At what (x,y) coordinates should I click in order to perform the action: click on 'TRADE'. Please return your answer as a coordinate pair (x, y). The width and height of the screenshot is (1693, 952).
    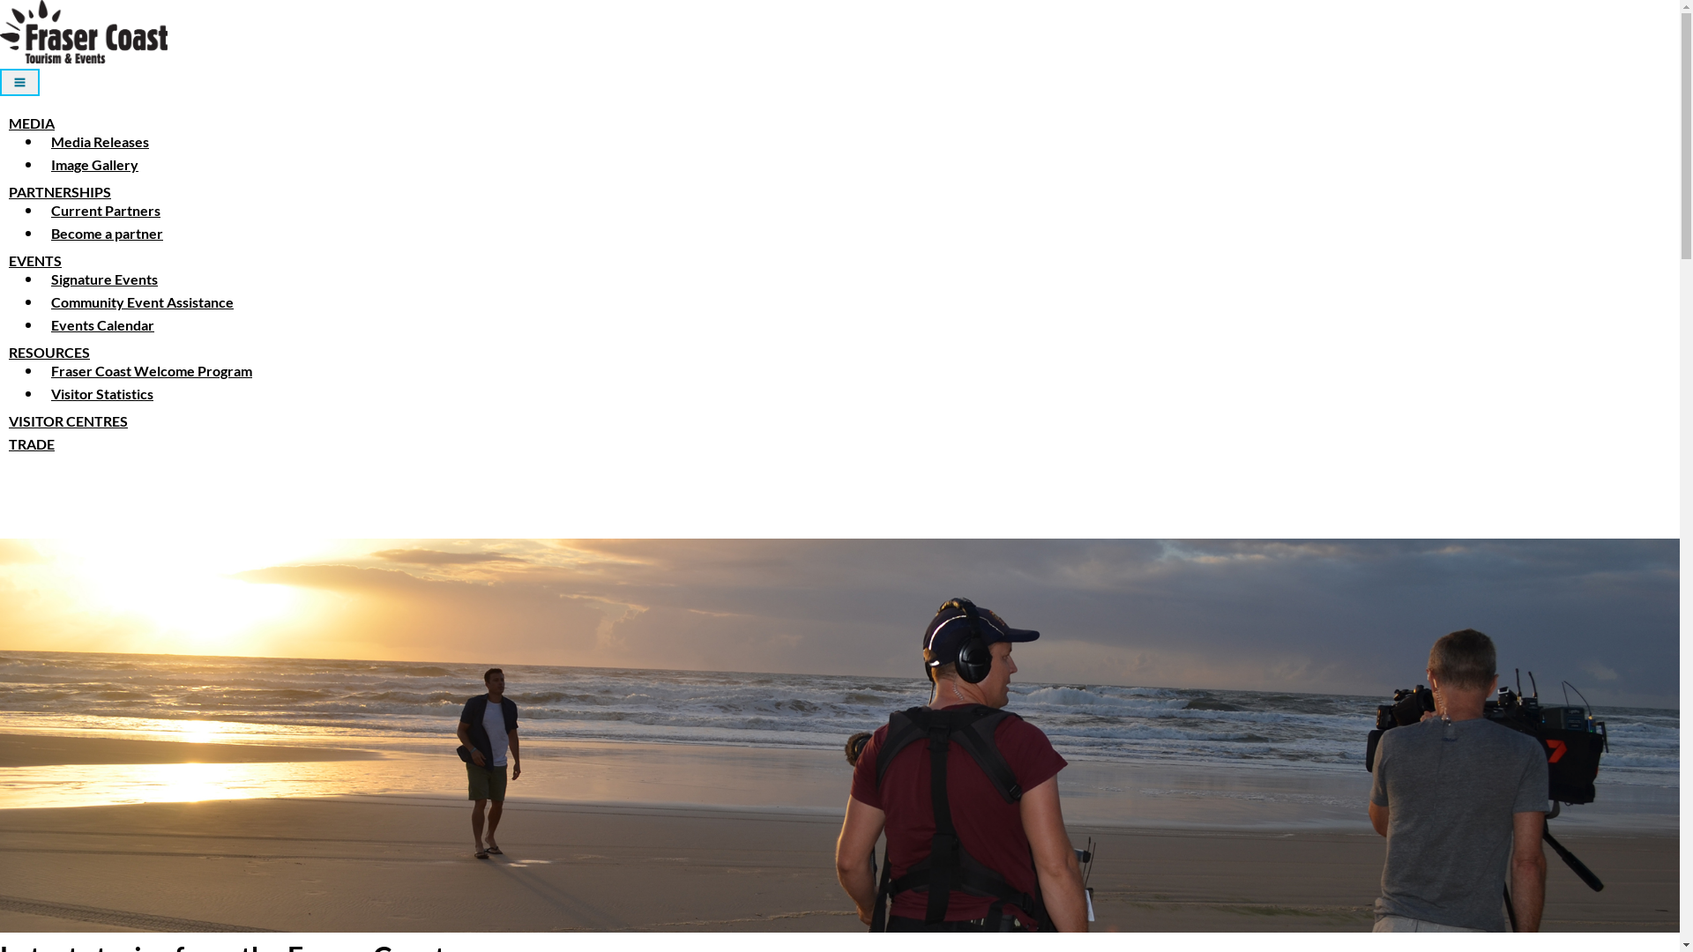
    Looking at the image, I should click on (31, 443).